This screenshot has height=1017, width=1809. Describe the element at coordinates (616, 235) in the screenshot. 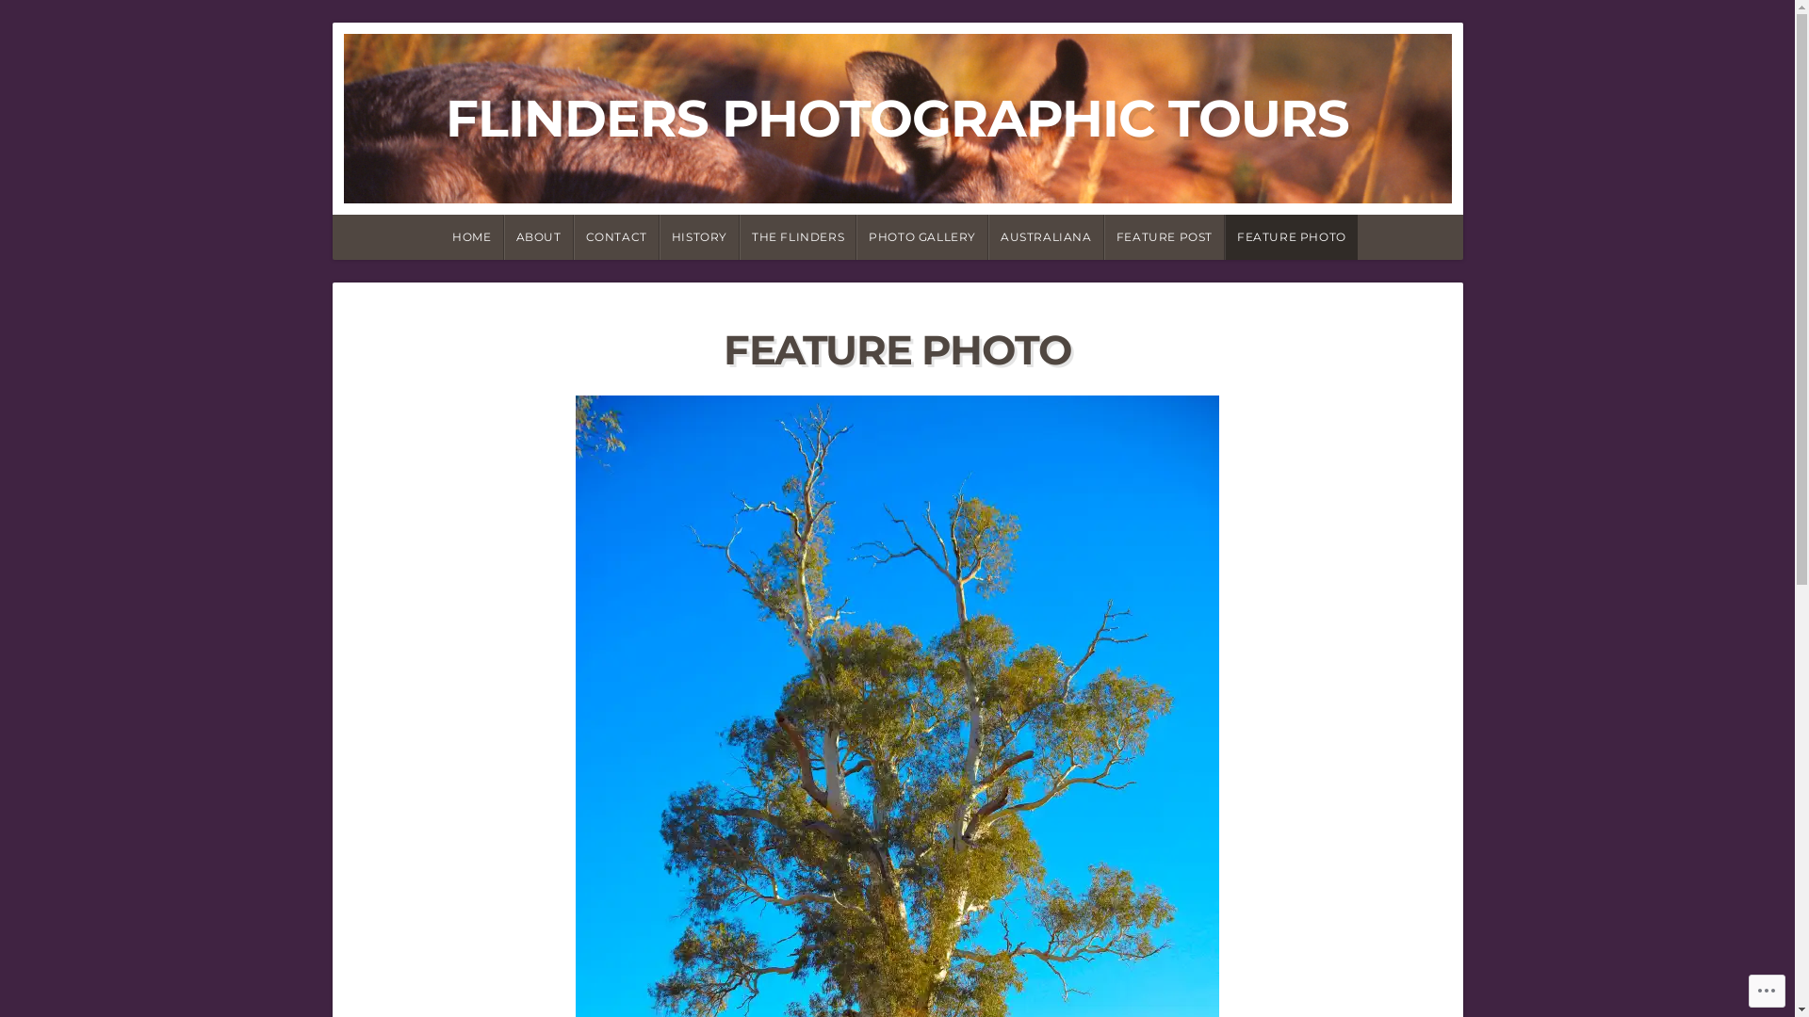

I see `'CONTACT'` at that location.